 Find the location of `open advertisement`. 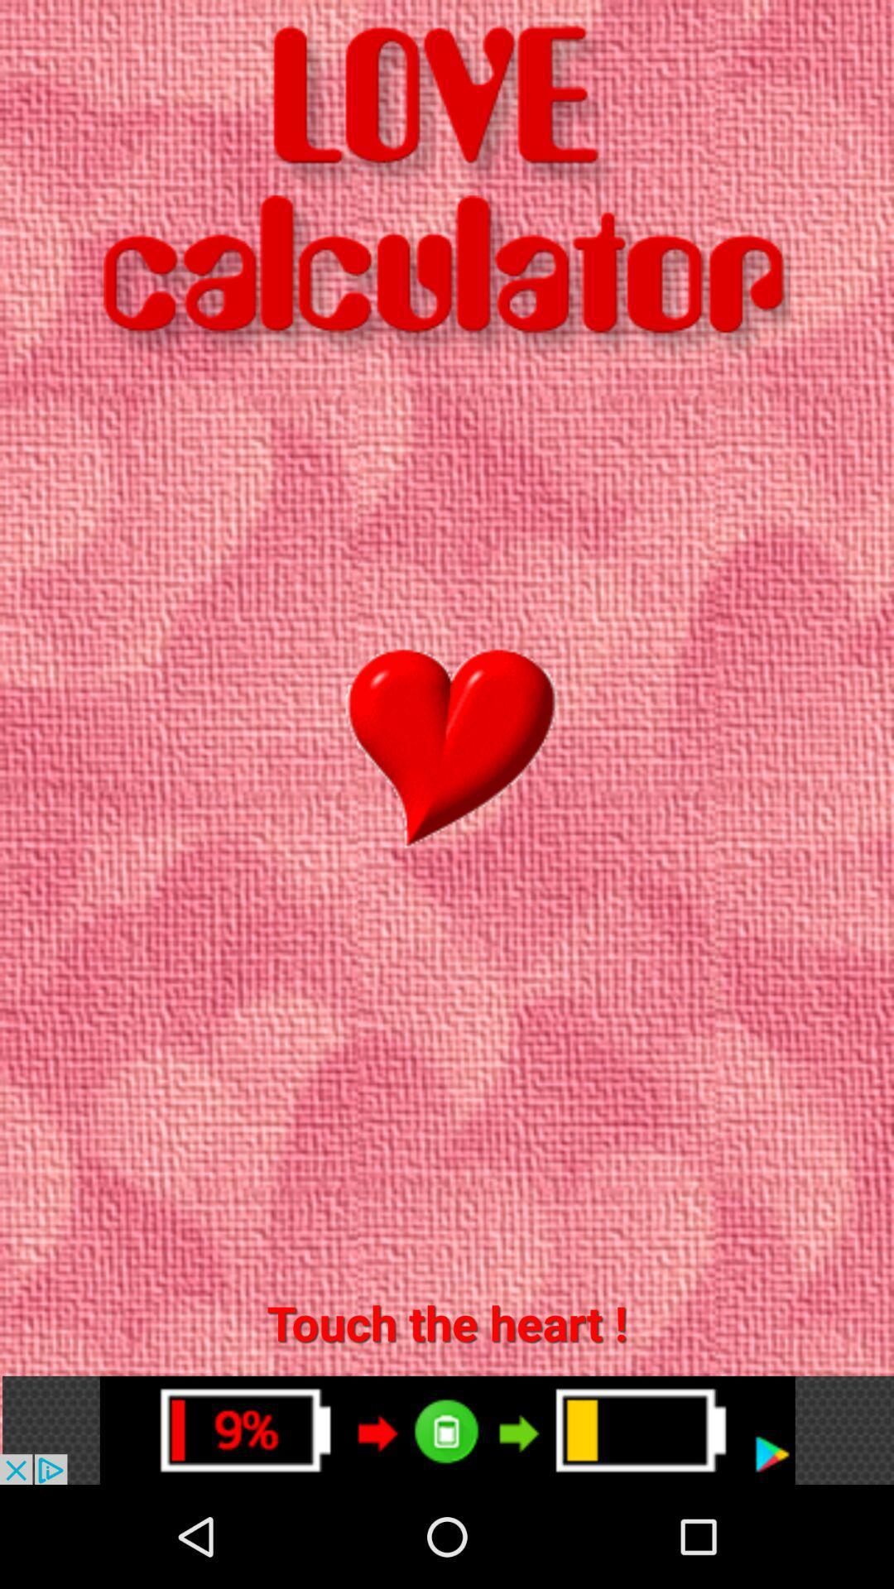

open advertisement is located at coordinates (447, 1429).